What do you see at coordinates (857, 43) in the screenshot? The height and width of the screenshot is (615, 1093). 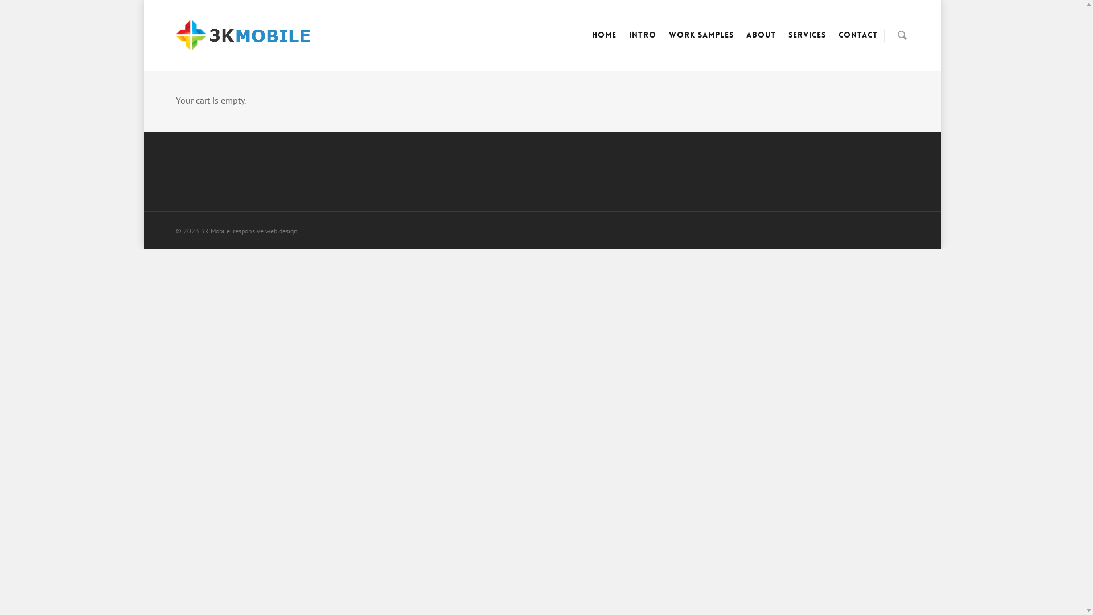 I see `'Contact'` at bounding box center [857, 43].